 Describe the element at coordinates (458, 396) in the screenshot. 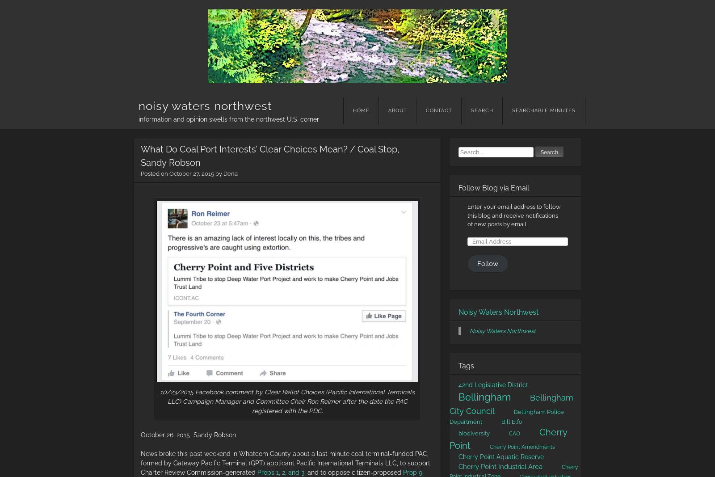

I see `'Bellingham'` at that location.